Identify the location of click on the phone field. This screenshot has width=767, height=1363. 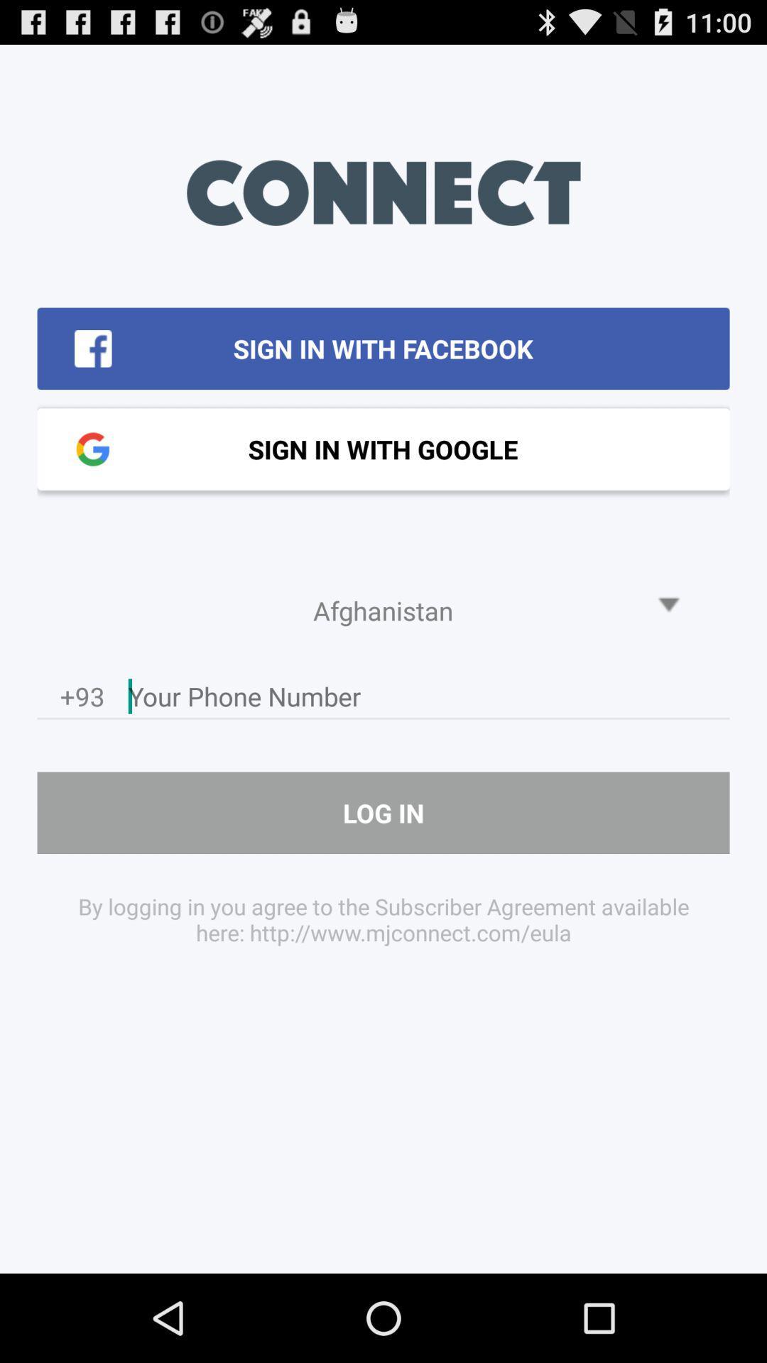
(428, 700).